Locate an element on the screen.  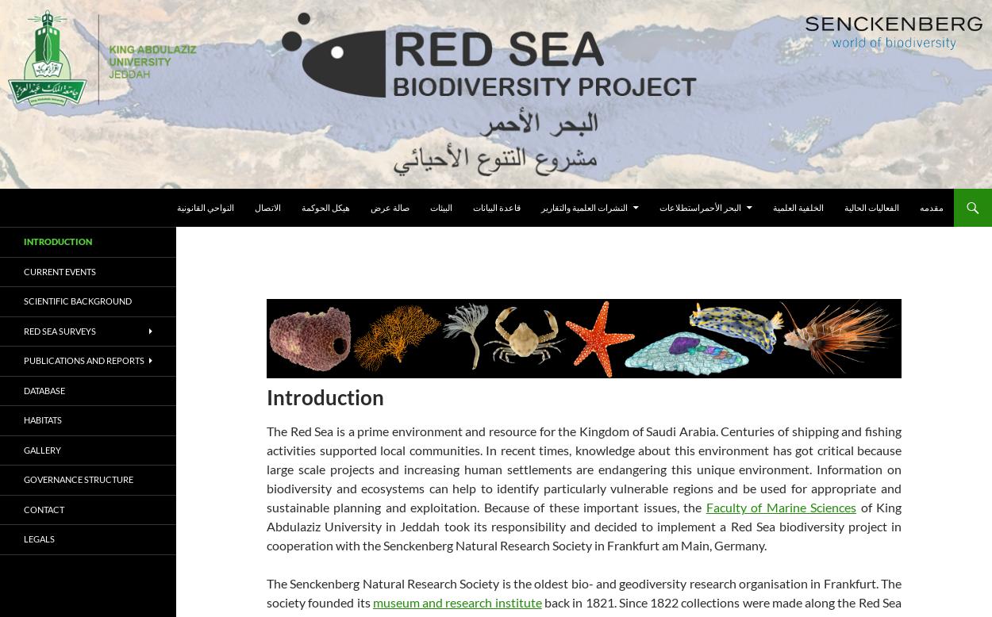
'Publications and Reports' is located at coordinates (83, 360).